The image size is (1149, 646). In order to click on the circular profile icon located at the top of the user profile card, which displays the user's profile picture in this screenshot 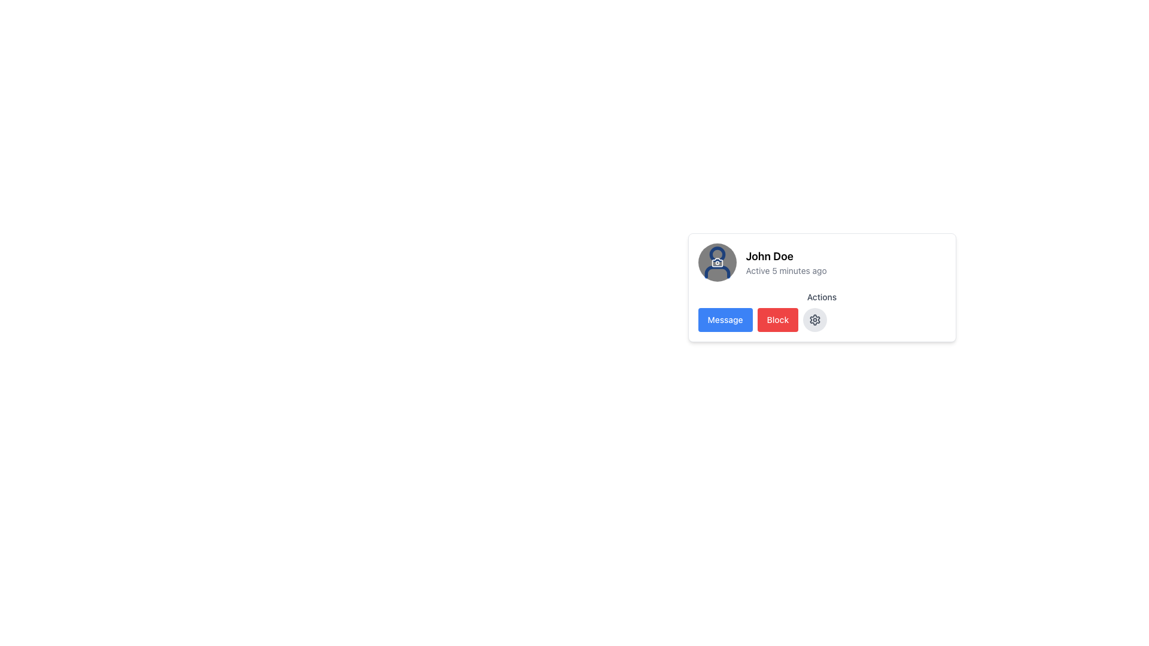, I will do `click(717, 254)`.